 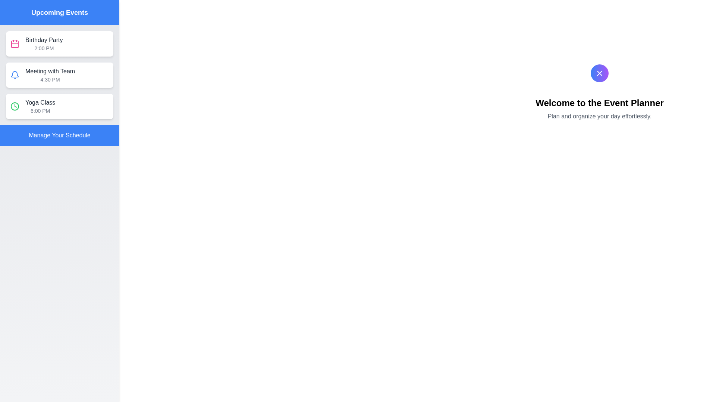 I want to click on the Text Label located at the upper left corner of the first card in the 'Upcoming Events' section, which serves as the title for the associated event, so click(x=44, y=40).